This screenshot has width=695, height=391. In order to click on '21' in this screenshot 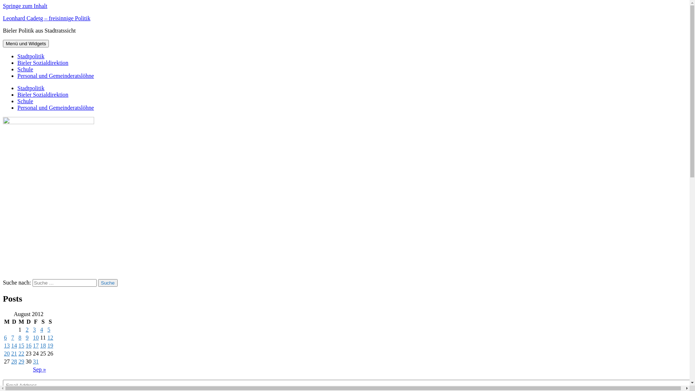, I will do `click(14, 353)`.